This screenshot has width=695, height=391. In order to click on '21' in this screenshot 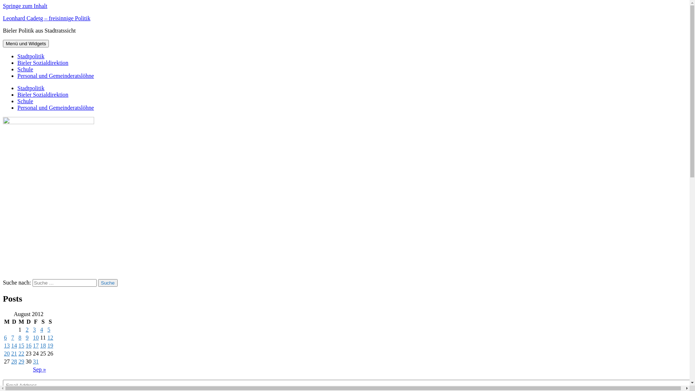, I will do `click(14, 353)`.